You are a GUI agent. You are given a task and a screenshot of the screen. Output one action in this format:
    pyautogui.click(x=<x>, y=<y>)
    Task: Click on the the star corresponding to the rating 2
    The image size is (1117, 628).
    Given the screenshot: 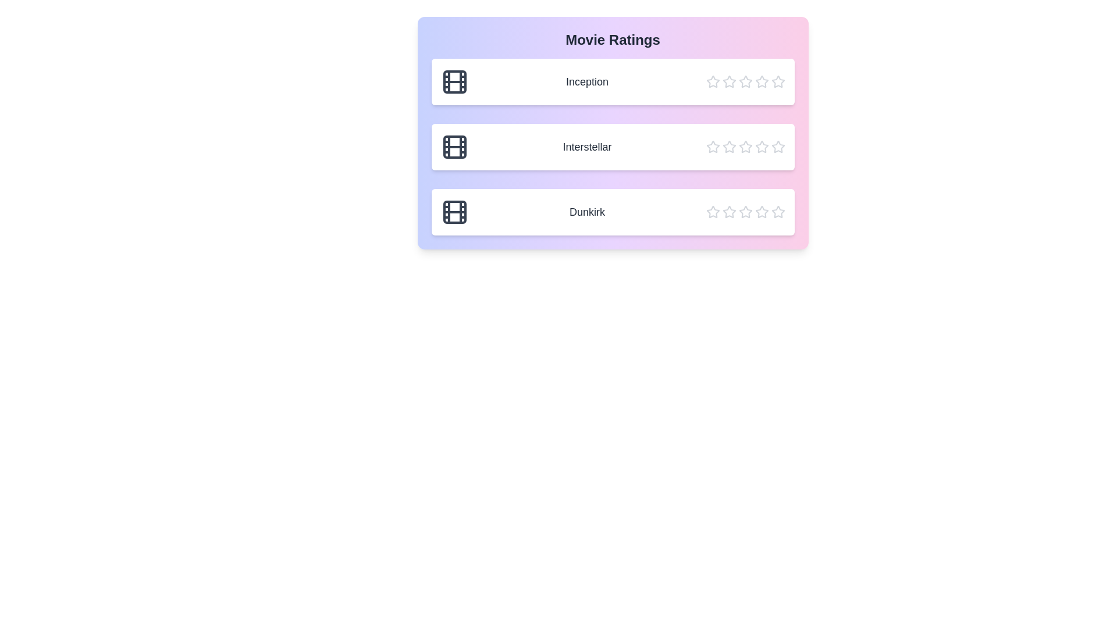 What is the action you would take?
    pyautogui.click(x=728, y=81)
    